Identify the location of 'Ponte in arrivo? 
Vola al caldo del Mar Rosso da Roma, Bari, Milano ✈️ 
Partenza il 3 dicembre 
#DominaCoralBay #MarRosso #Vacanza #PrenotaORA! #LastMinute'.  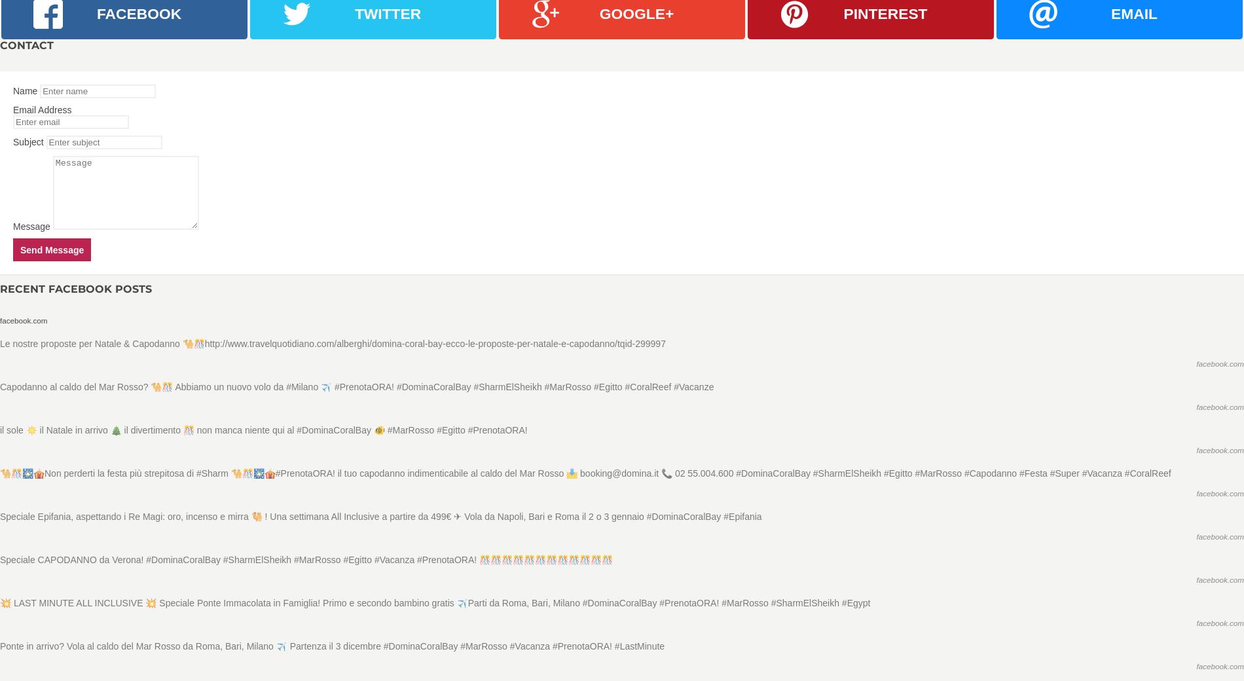
(0, 646).